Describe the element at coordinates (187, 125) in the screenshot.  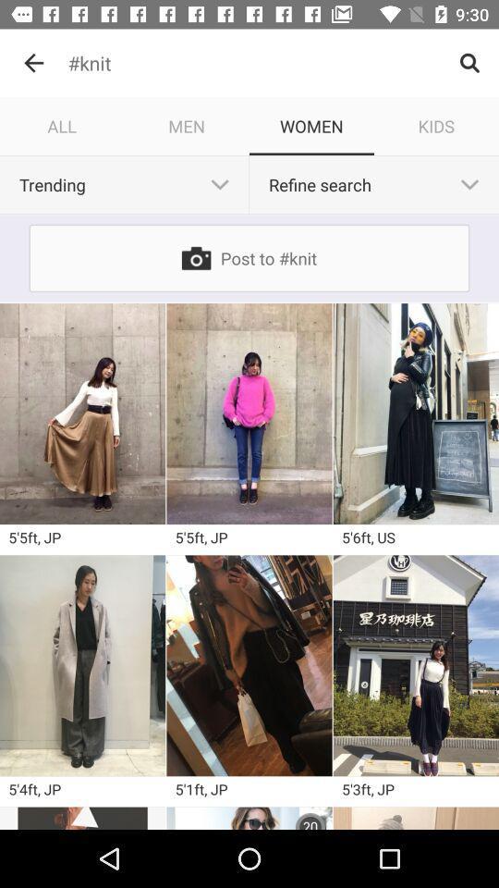
I see `the men item` at that location.